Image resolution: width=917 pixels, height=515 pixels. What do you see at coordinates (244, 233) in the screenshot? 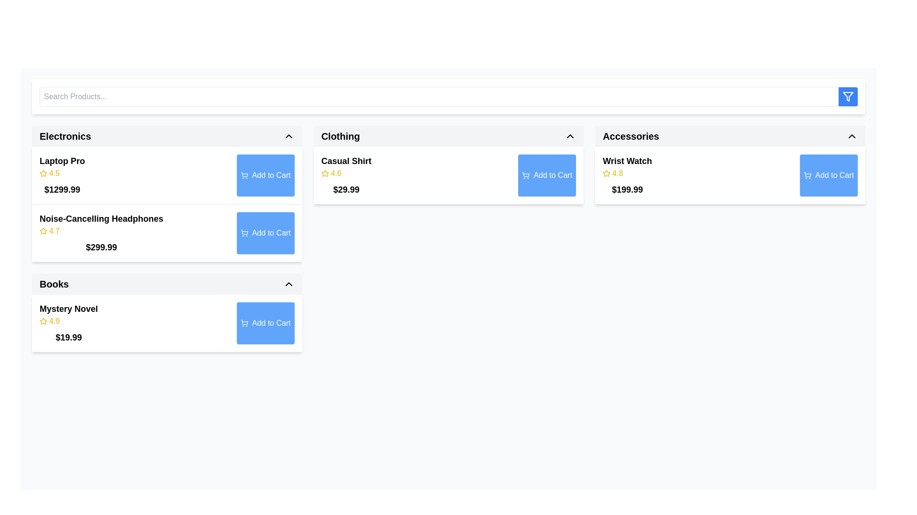
I see `the shopping cart icon with a minimalist outline design, which is part of the 'Add to Cart' button under the 'Noise-Cancelling Headphones' product listing` at bounding box center [244, 233].